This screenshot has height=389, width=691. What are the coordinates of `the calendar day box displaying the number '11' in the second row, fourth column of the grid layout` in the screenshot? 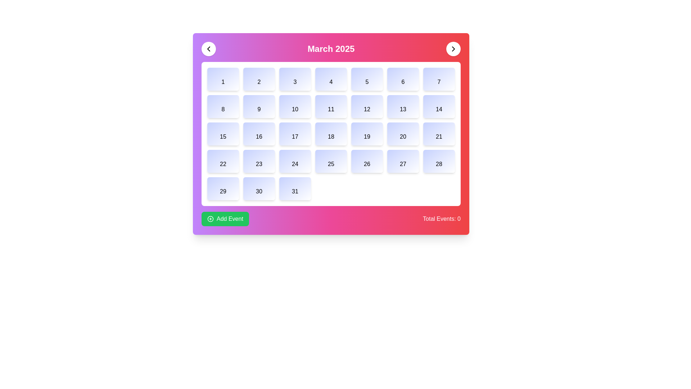 It's located at (331, 107).